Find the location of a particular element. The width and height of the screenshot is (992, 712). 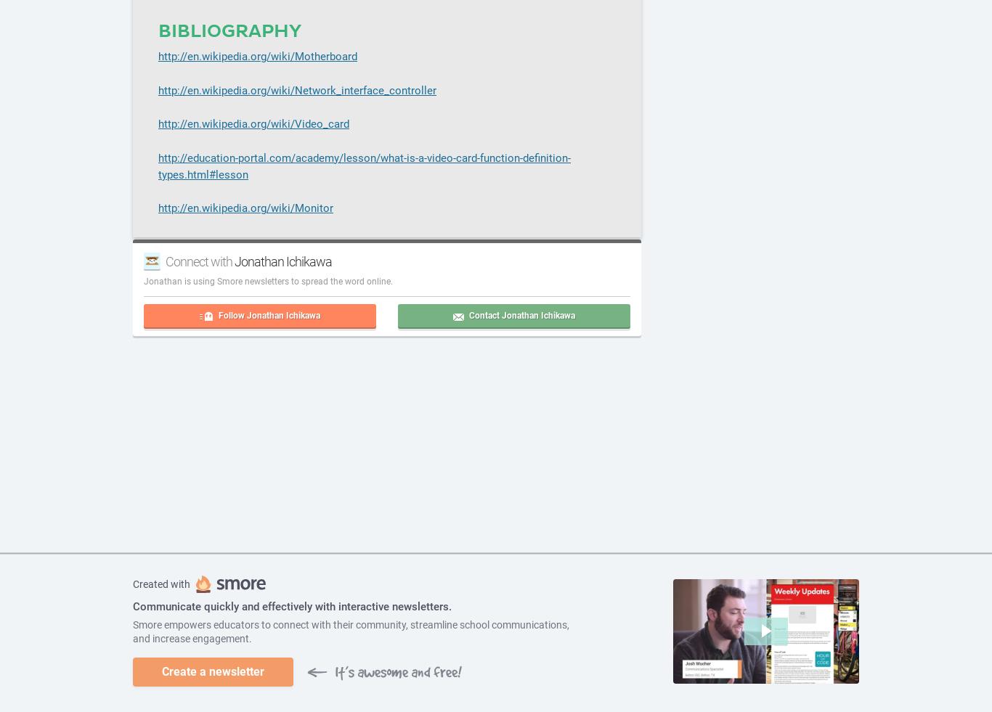

'Created with' is located at coordinates (160, 584).